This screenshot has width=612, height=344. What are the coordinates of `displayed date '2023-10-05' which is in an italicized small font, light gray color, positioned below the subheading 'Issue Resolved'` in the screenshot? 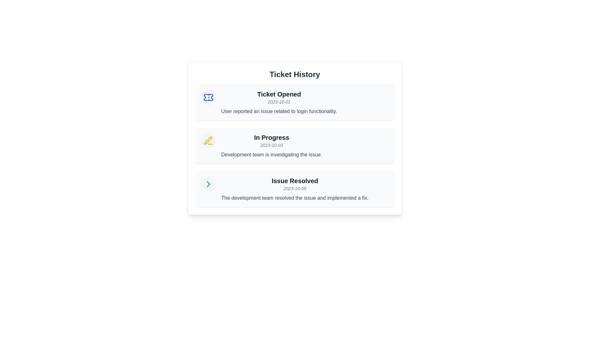 It's located at (295, 188).